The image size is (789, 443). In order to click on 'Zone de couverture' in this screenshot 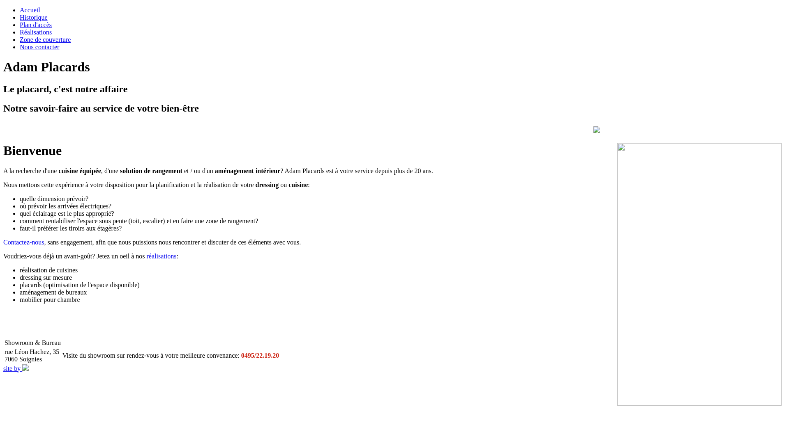, I will do `click(20, 39)`.